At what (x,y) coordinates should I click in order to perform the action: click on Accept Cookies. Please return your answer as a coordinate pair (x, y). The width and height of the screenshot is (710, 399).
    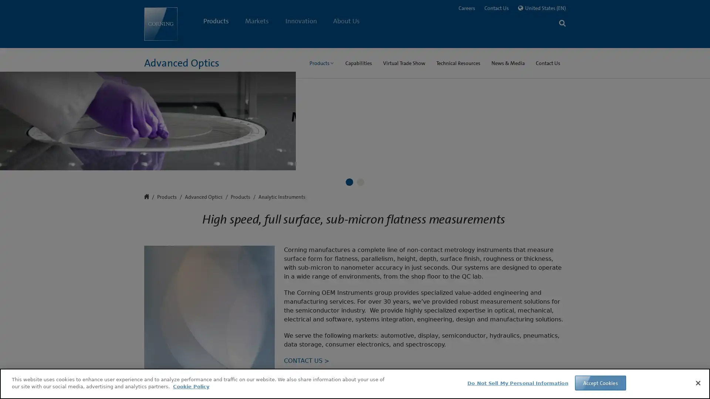
    Looking at the image, I should click on (600, 382).